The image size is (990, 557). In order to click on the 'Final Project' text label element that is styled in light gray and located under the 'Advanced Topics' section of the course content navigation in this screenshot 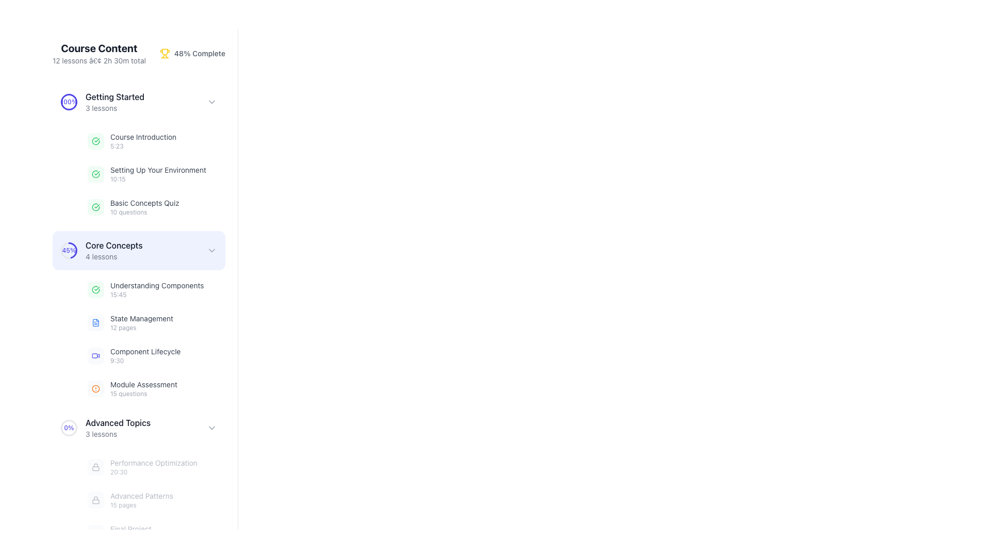, I will do `click(130, 533)`.